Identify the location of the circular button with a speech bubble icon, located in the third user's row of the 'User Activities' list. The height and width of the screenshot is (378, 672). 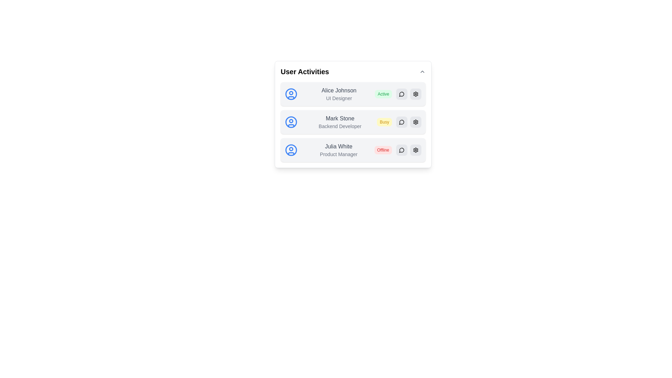
(401, 149).